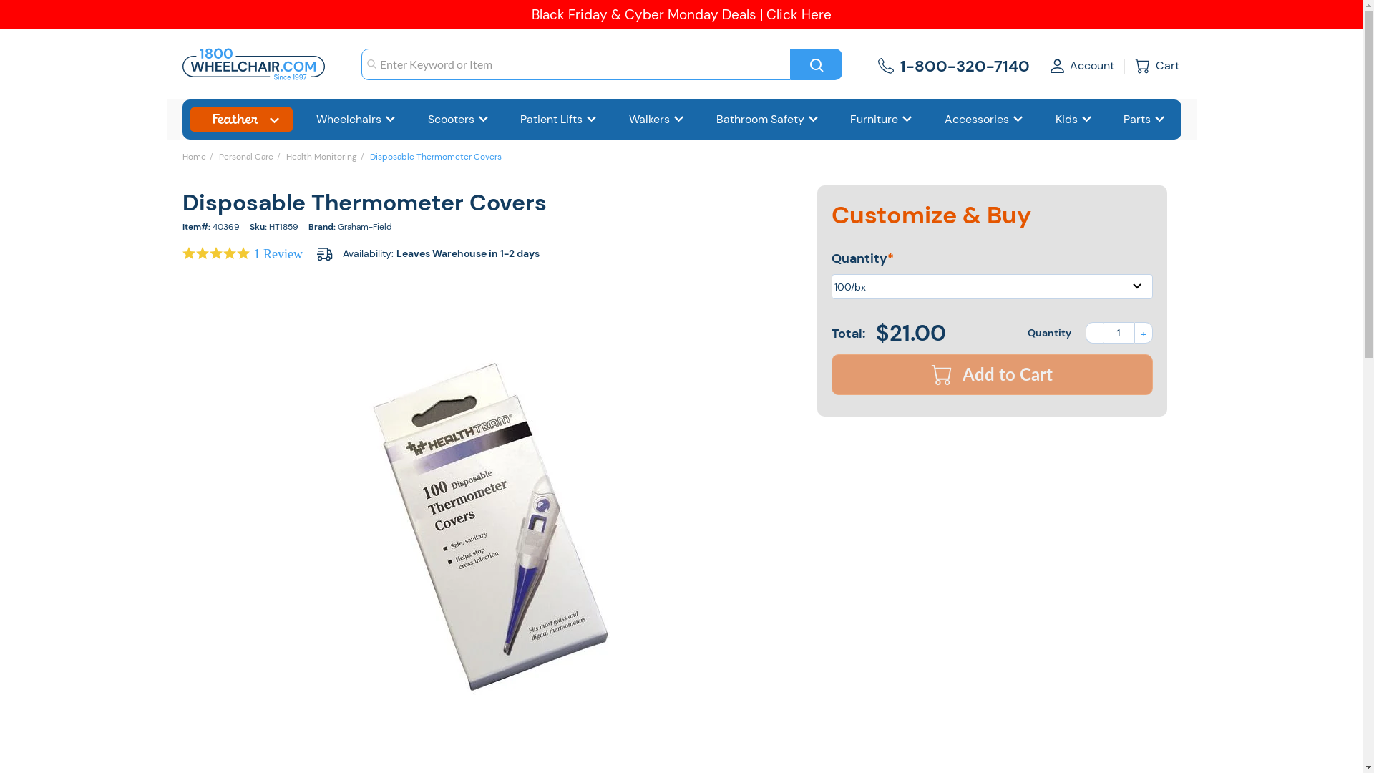  Describe the element at coordinates (1116, 119) in the screenshot. I see `'Parts'` at that location.